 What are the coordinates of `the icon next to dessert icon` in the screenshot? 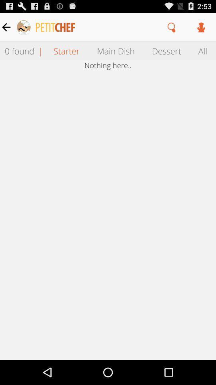 It's located at (115, 50).